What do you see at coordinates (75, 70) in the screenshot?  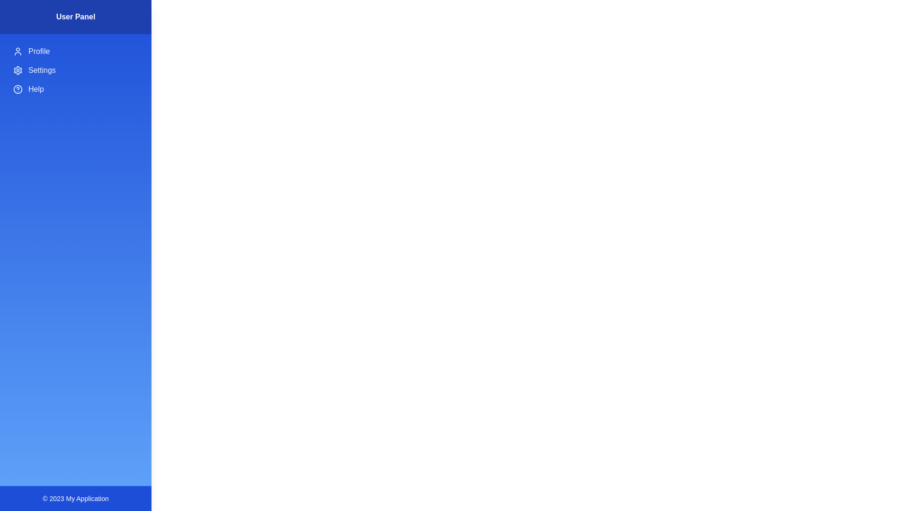 I see `the 'Settings' menu item to open its corresponding functionality` at bounding box center [75, 70].